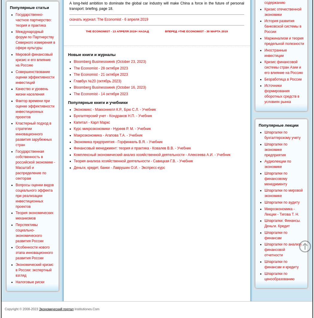  I want to click on 'Капитал - Карл Маркс', so click(92, 122).